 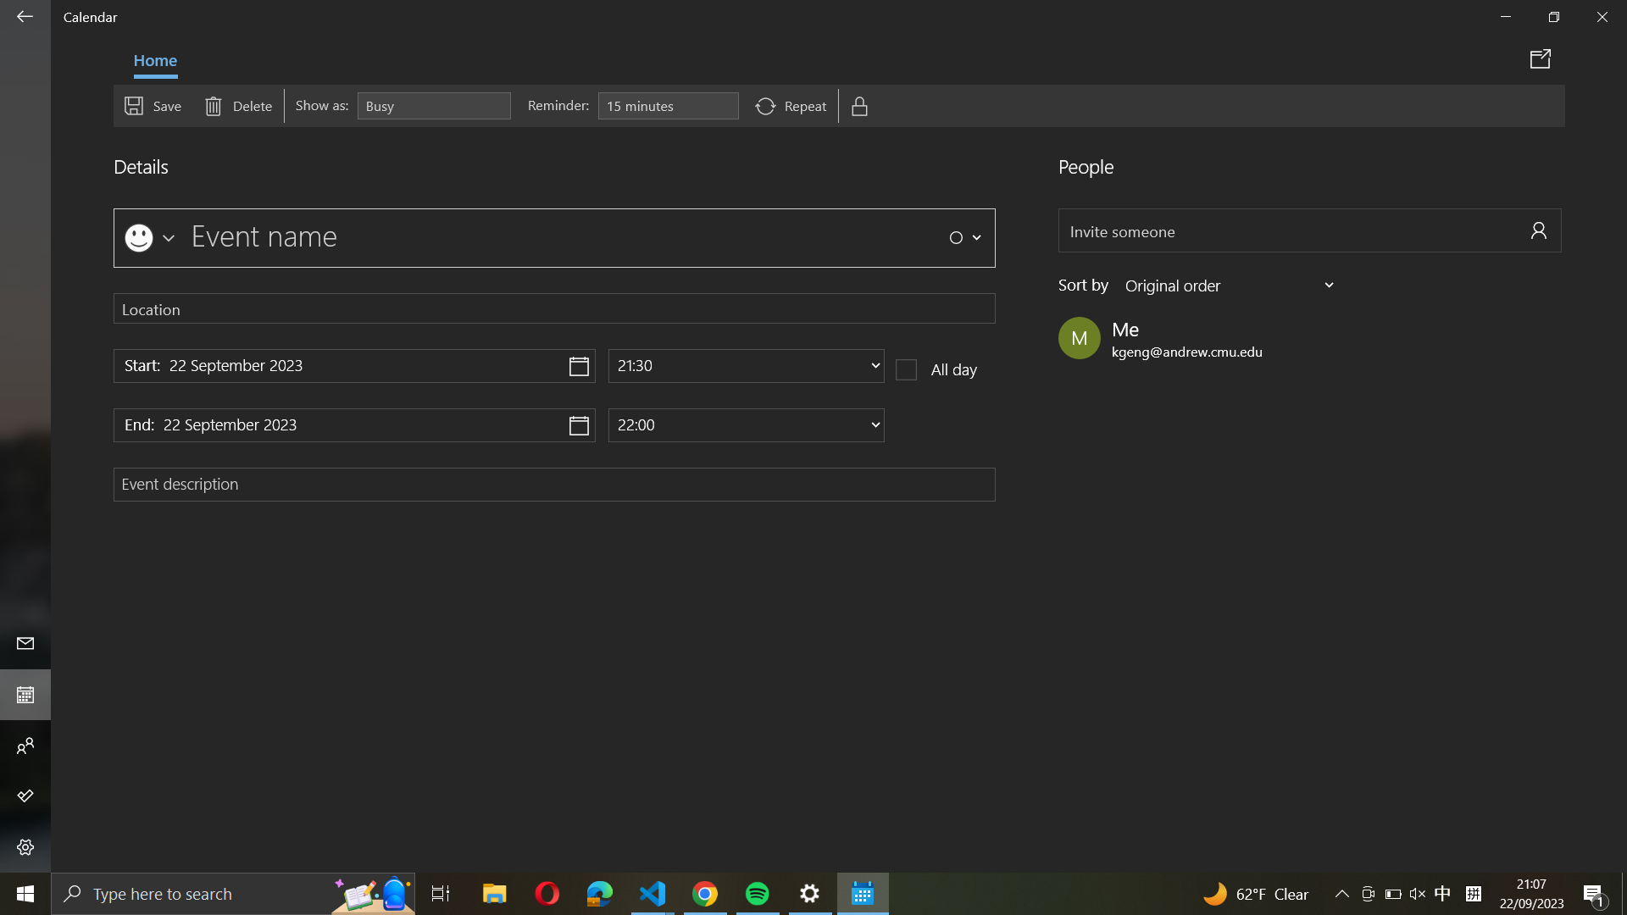 I want to click on Update event schedule to start at "22 November 2024, so click(x=353, y=365).